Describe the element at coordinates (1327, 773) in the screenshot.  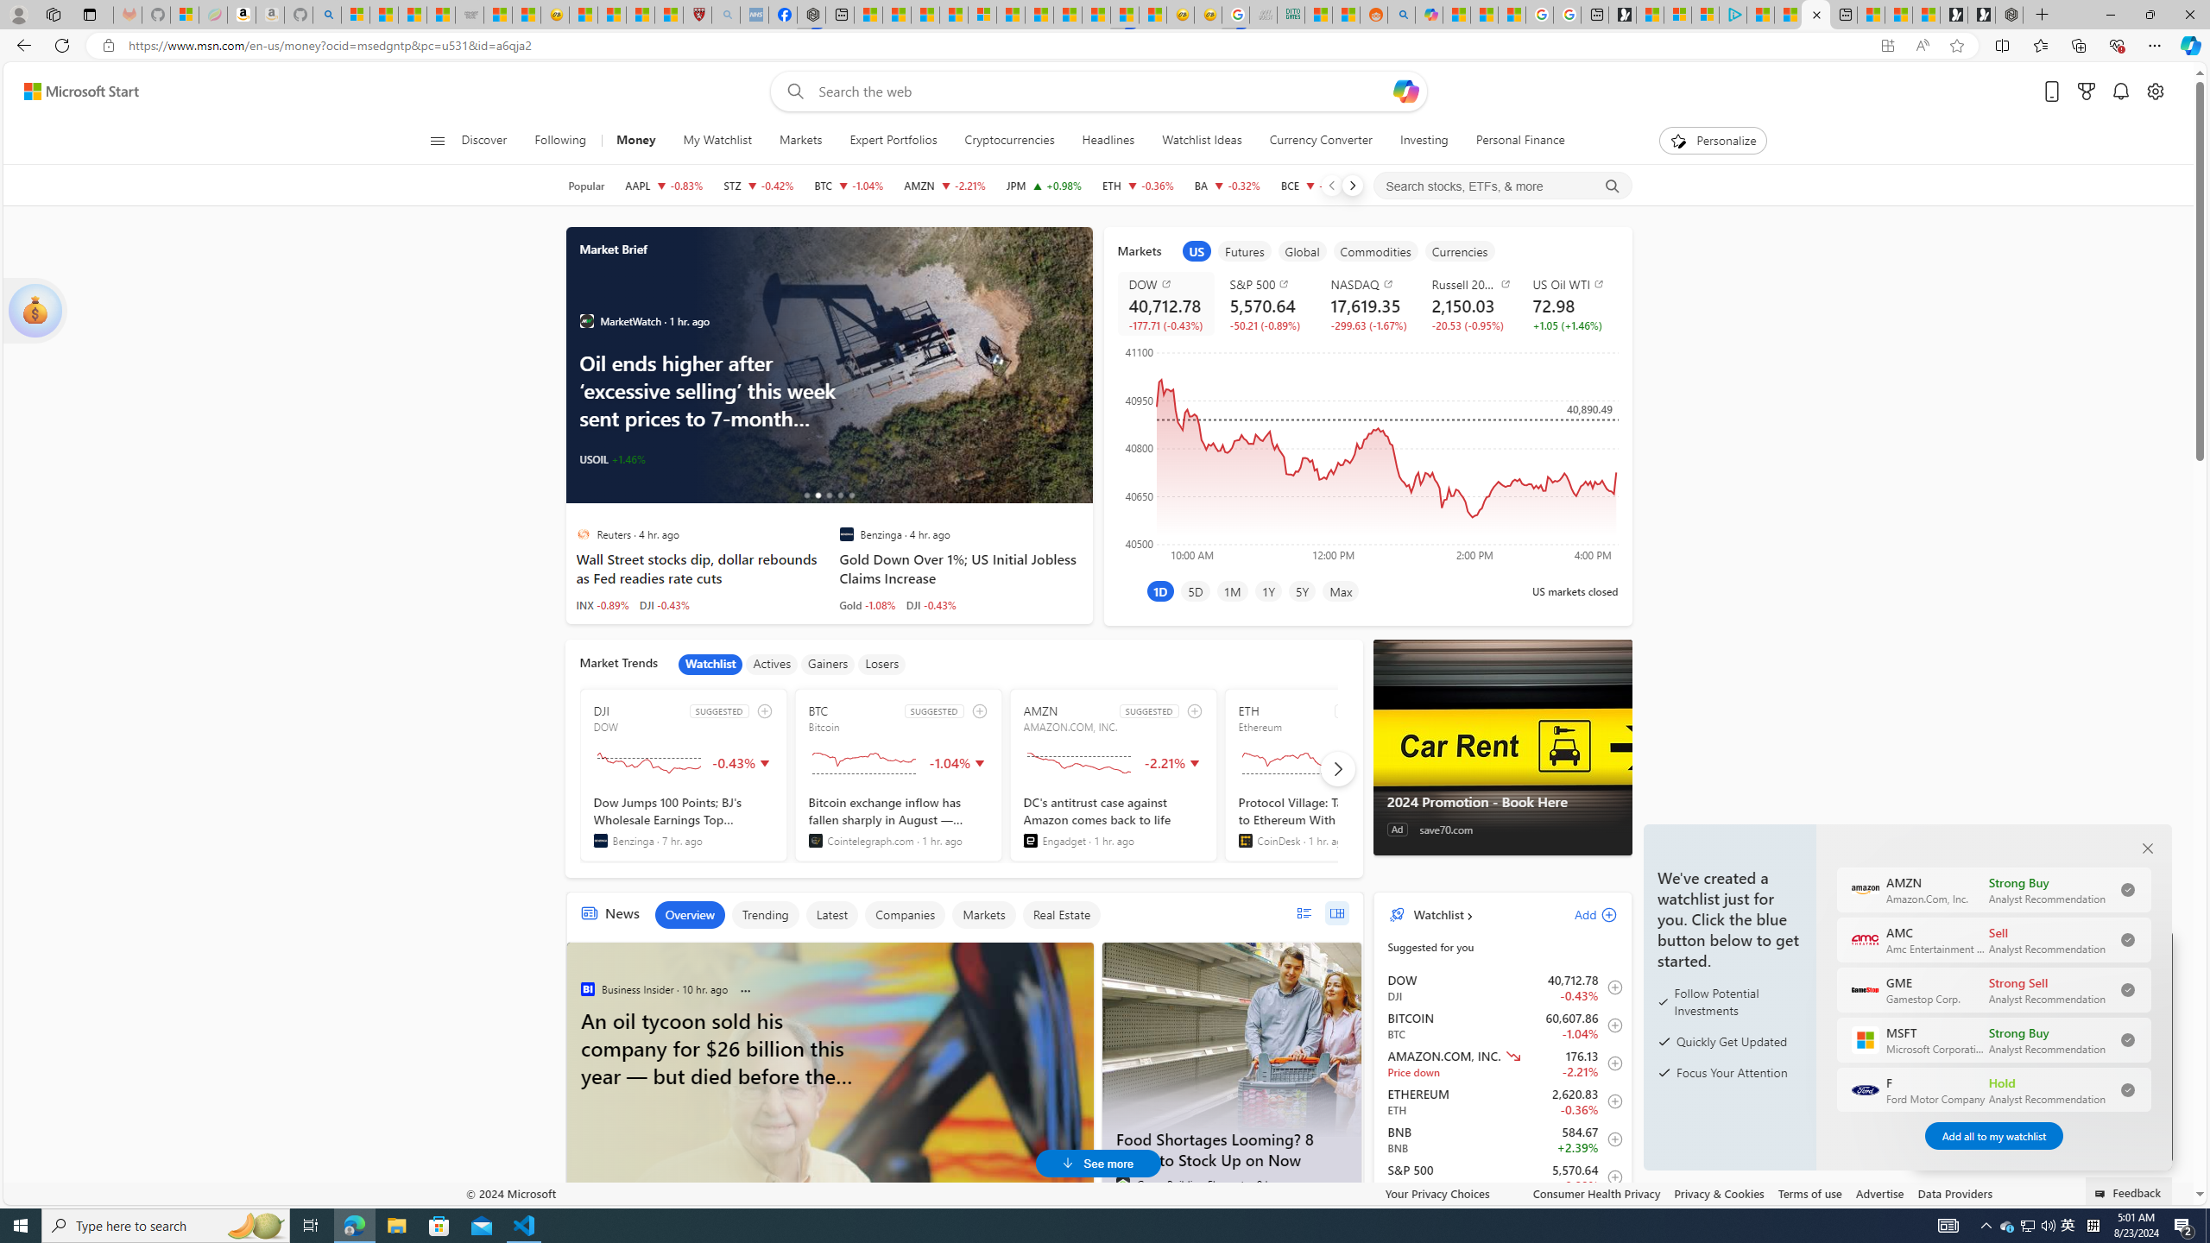
I see `'ETH SUGGESTED Ethereum'` at that location.